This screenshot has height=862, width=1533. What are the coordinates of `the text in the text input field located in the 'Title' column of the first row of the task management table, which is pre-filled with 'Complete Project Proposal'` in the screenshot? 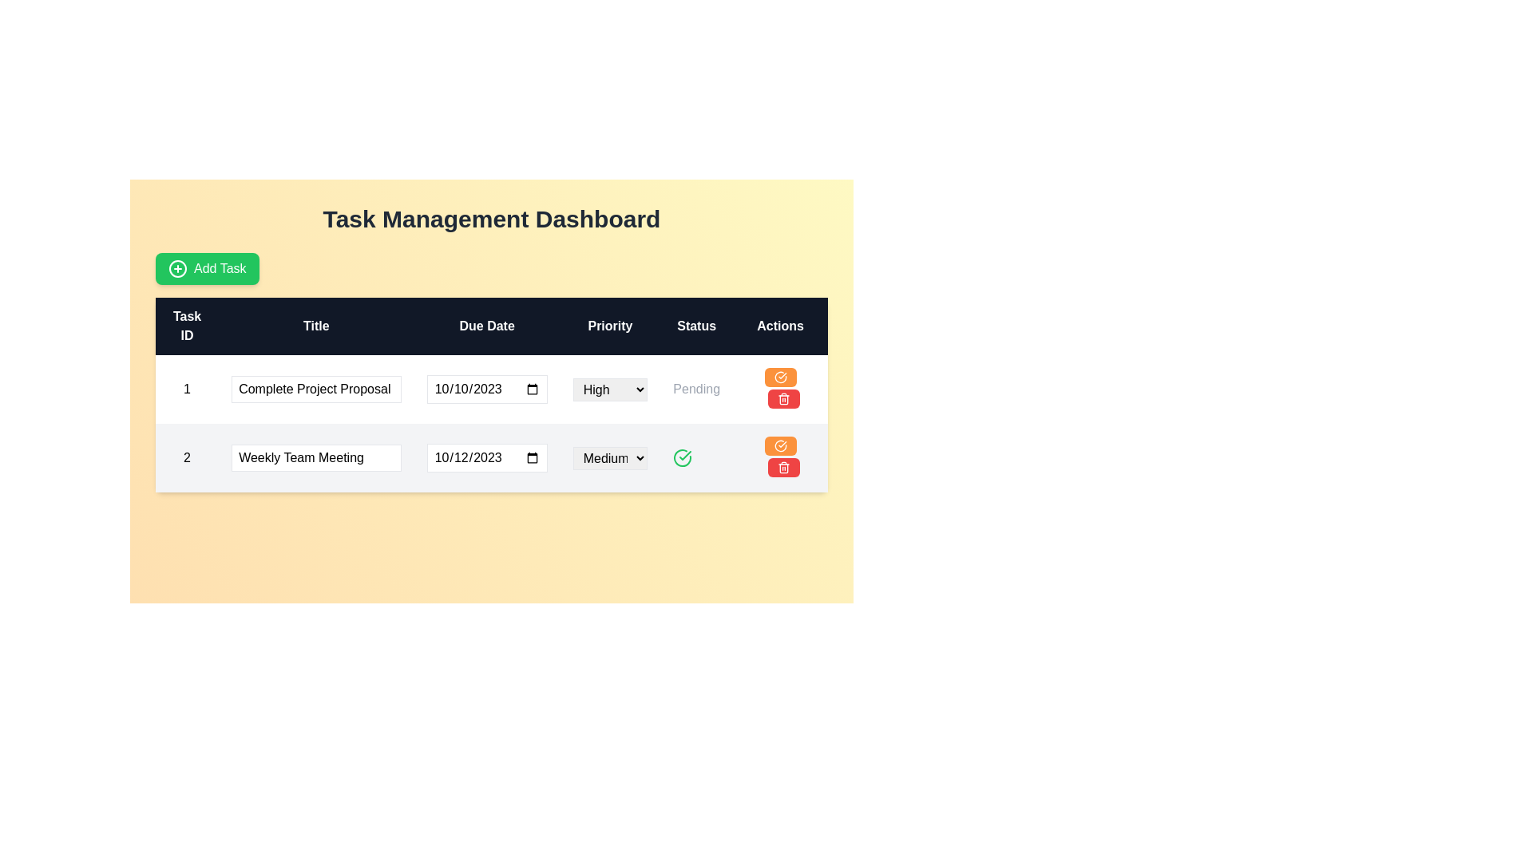 It's located at (316, 389).